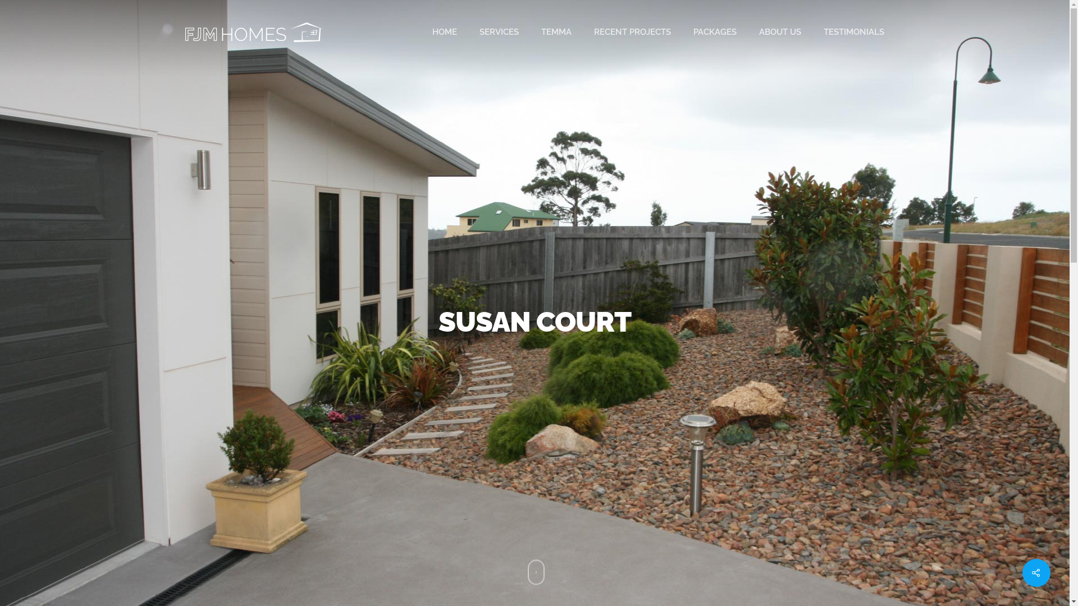 This screenshot has width=1078, height=606. Describe the element at coordinates (692, 31) in the screenshot. I see `'PACKAGES'` at that location.